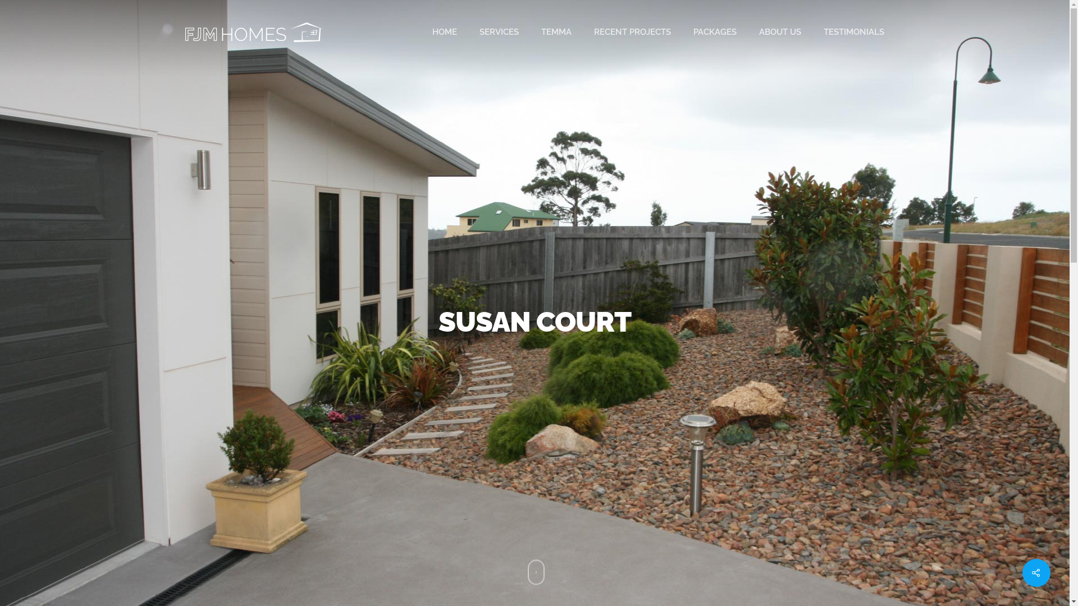 This screenshot has width=1078, height=606. Describe the element at coordinates (692, 31) in the screenshot. I see `'PACKAGES'` at that location.